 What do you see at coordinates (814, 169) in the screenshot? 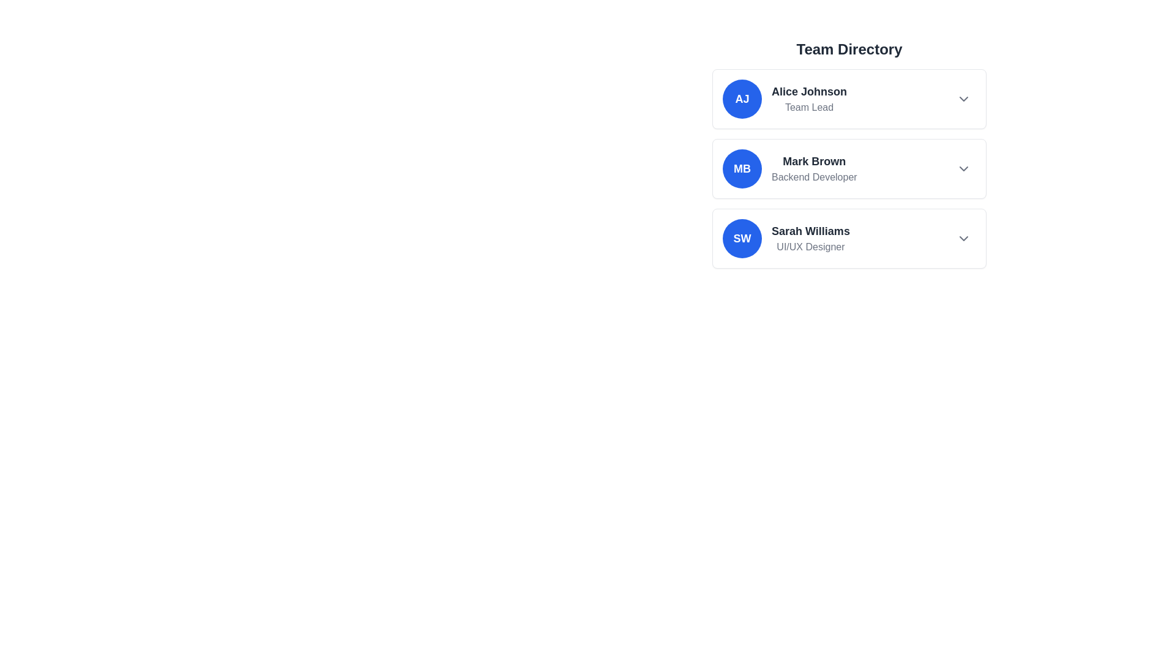
I see `the Text block displaying 'Mark Brown' and 'Backend Developer' in the Team Directory section, located to the right of the blue circular element with initials 'MB'` at bounding box center [814, 169].